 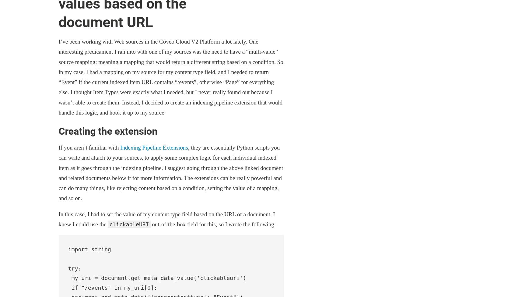 What do you see at coordinates (154, 147) in the screenshot?
I see `'Indexing Pipeline Extensions'` at bounding box center [154, 147].